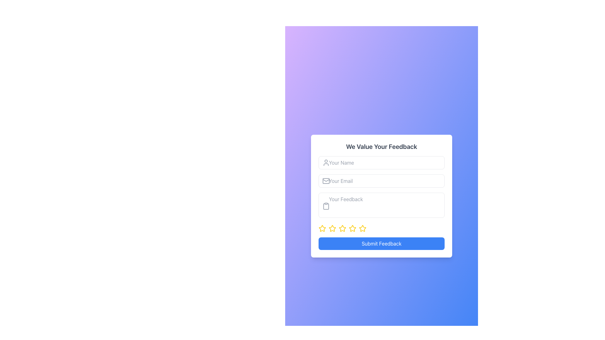 The height and width of the screenshot is (340, 605). What do you see at coordinates (322, 228) in the screenshot?
I see `the first star in the rating system below the 'Your Feedback' input area` at bounding box center [322, 228].